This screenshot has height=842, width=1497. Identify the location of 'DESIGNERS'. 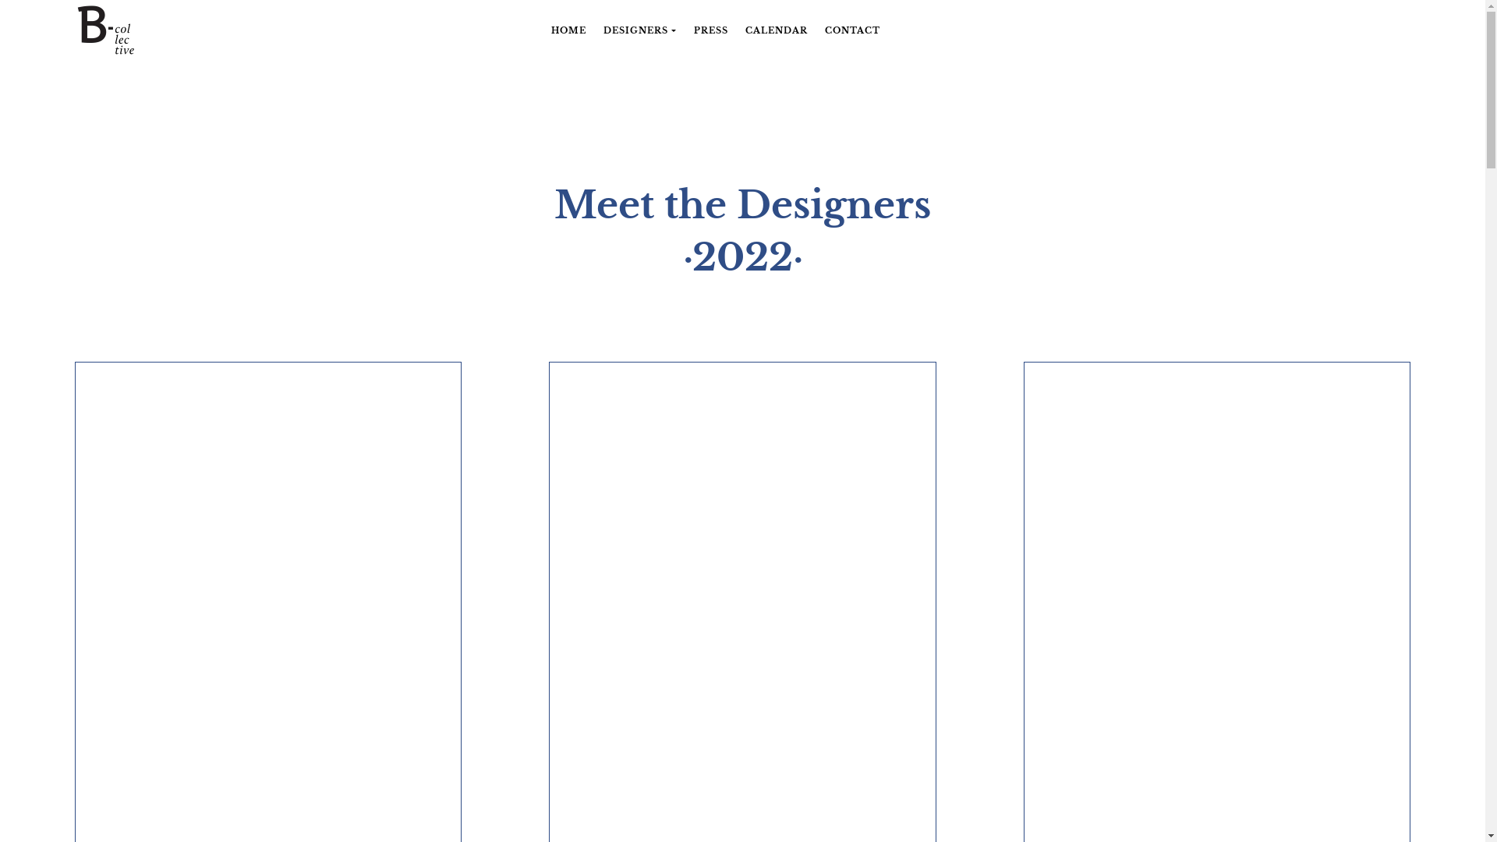
(602, 30).